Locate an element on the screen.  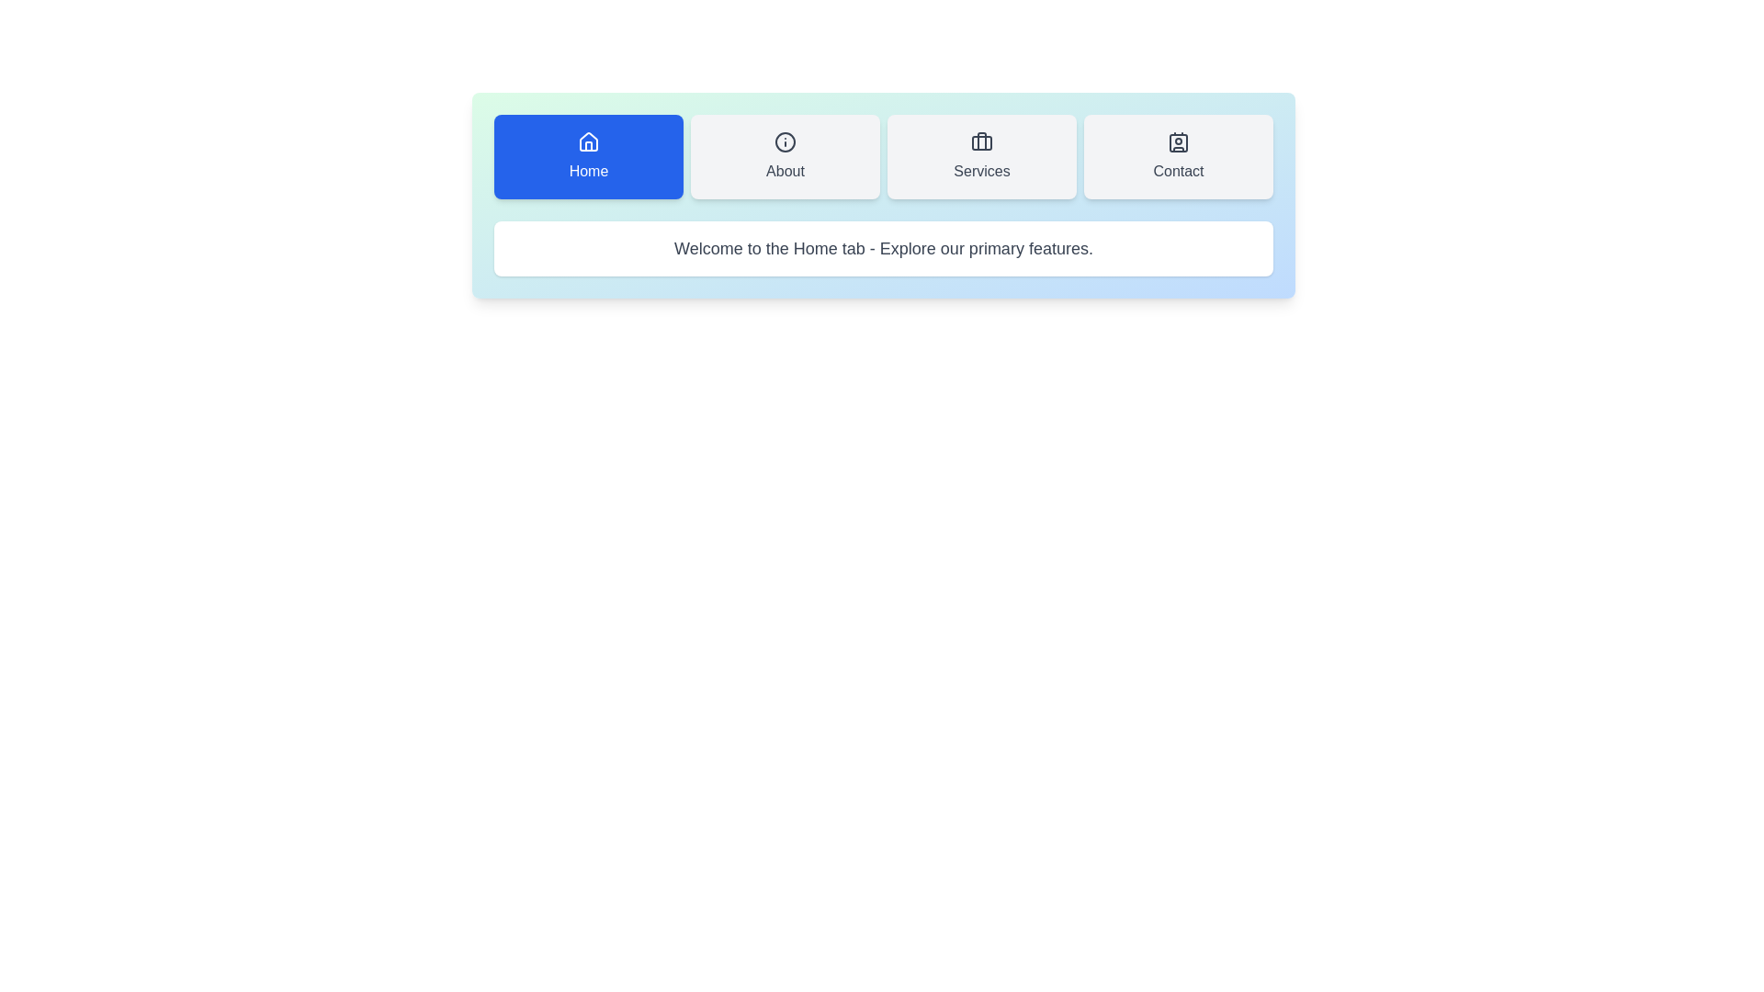
the 'Services' button which contains a briefcase icon at its upper part is located at coordinates (981, 141).